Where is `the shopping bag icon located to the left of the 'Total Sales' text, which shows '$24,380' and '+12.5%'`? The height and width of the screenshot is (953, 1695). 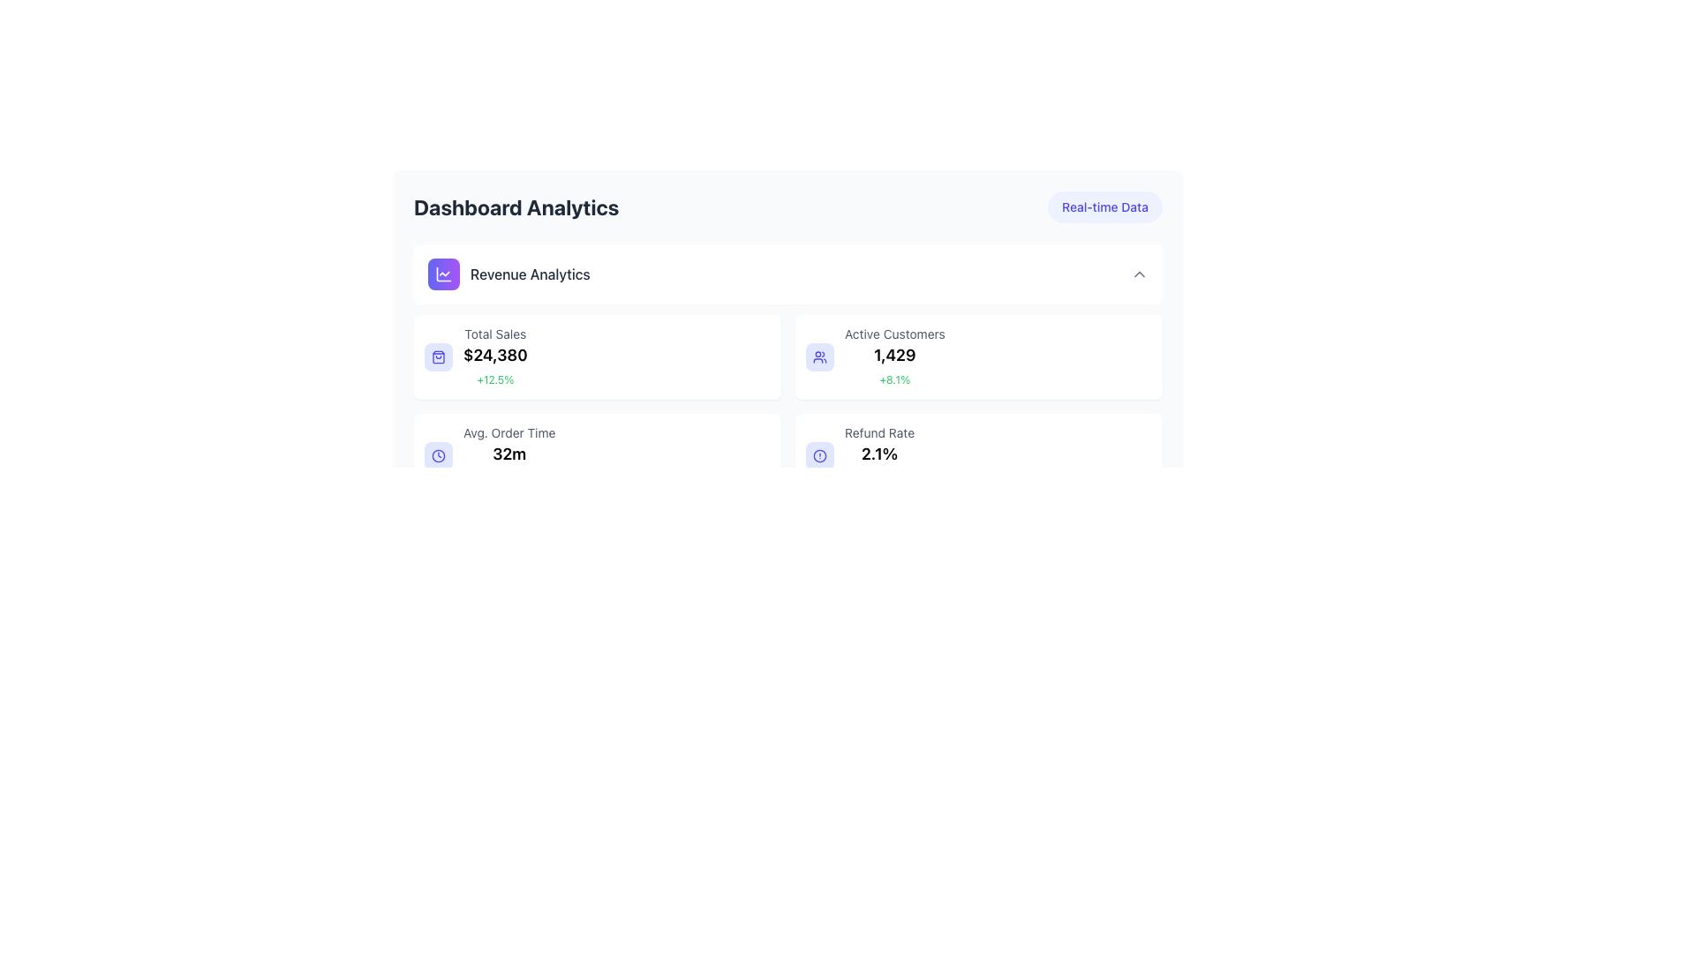
the shopping bag icon located to the left of the 'Total Sales' text, which shows '$24,380' and '+12.5%' is located at coordinates (439, 357).